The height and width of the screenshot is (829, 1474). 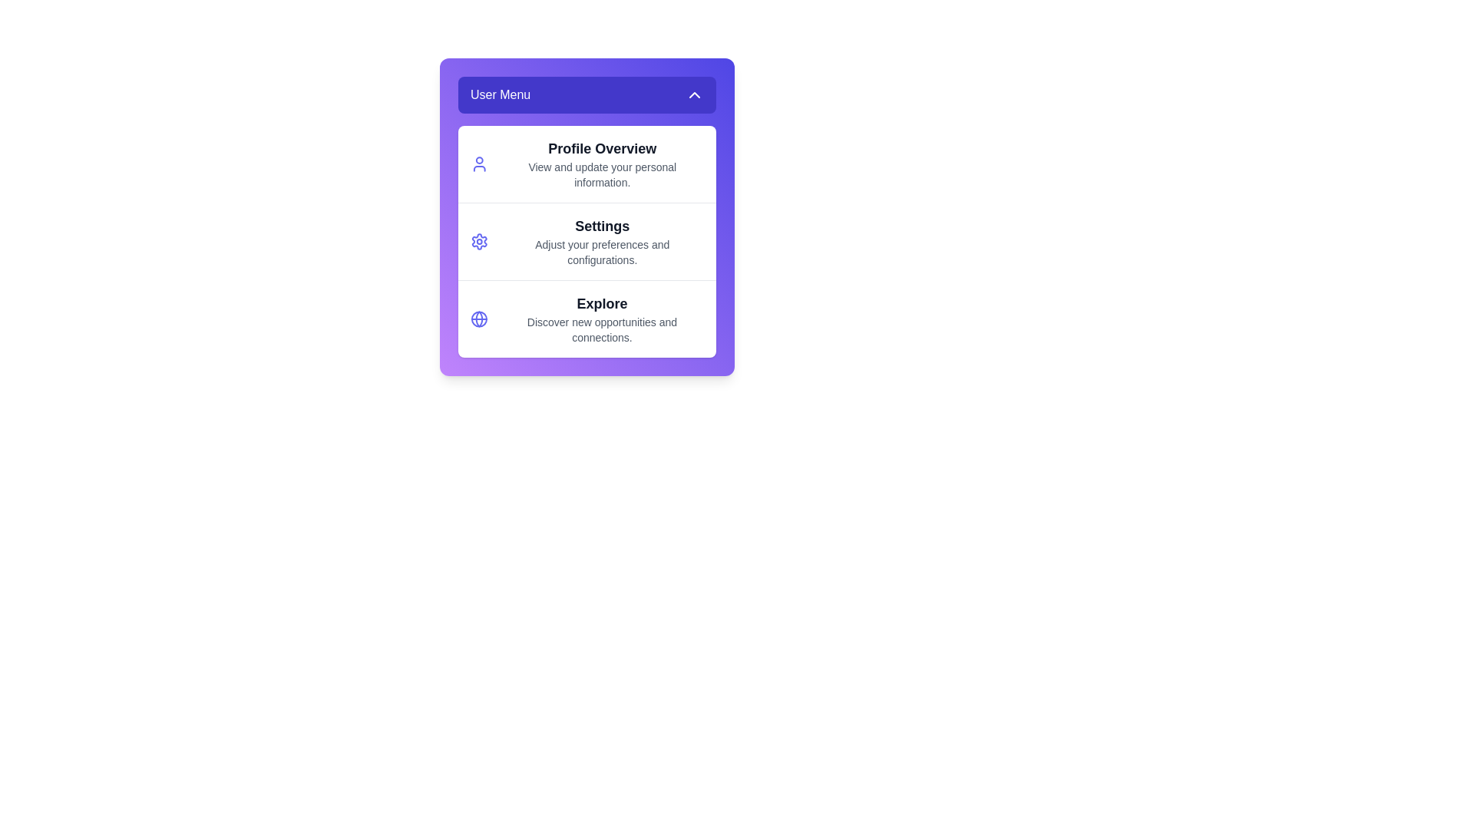 What do you see at coordinates (601, 148) in the screenshot?
I see `text header labeled 'Profile Overview' which is displayed in bold gray font against a white background within the user menu interface, located at the top of the menu section beneath the profile icon` at bounding box center [601, 148].